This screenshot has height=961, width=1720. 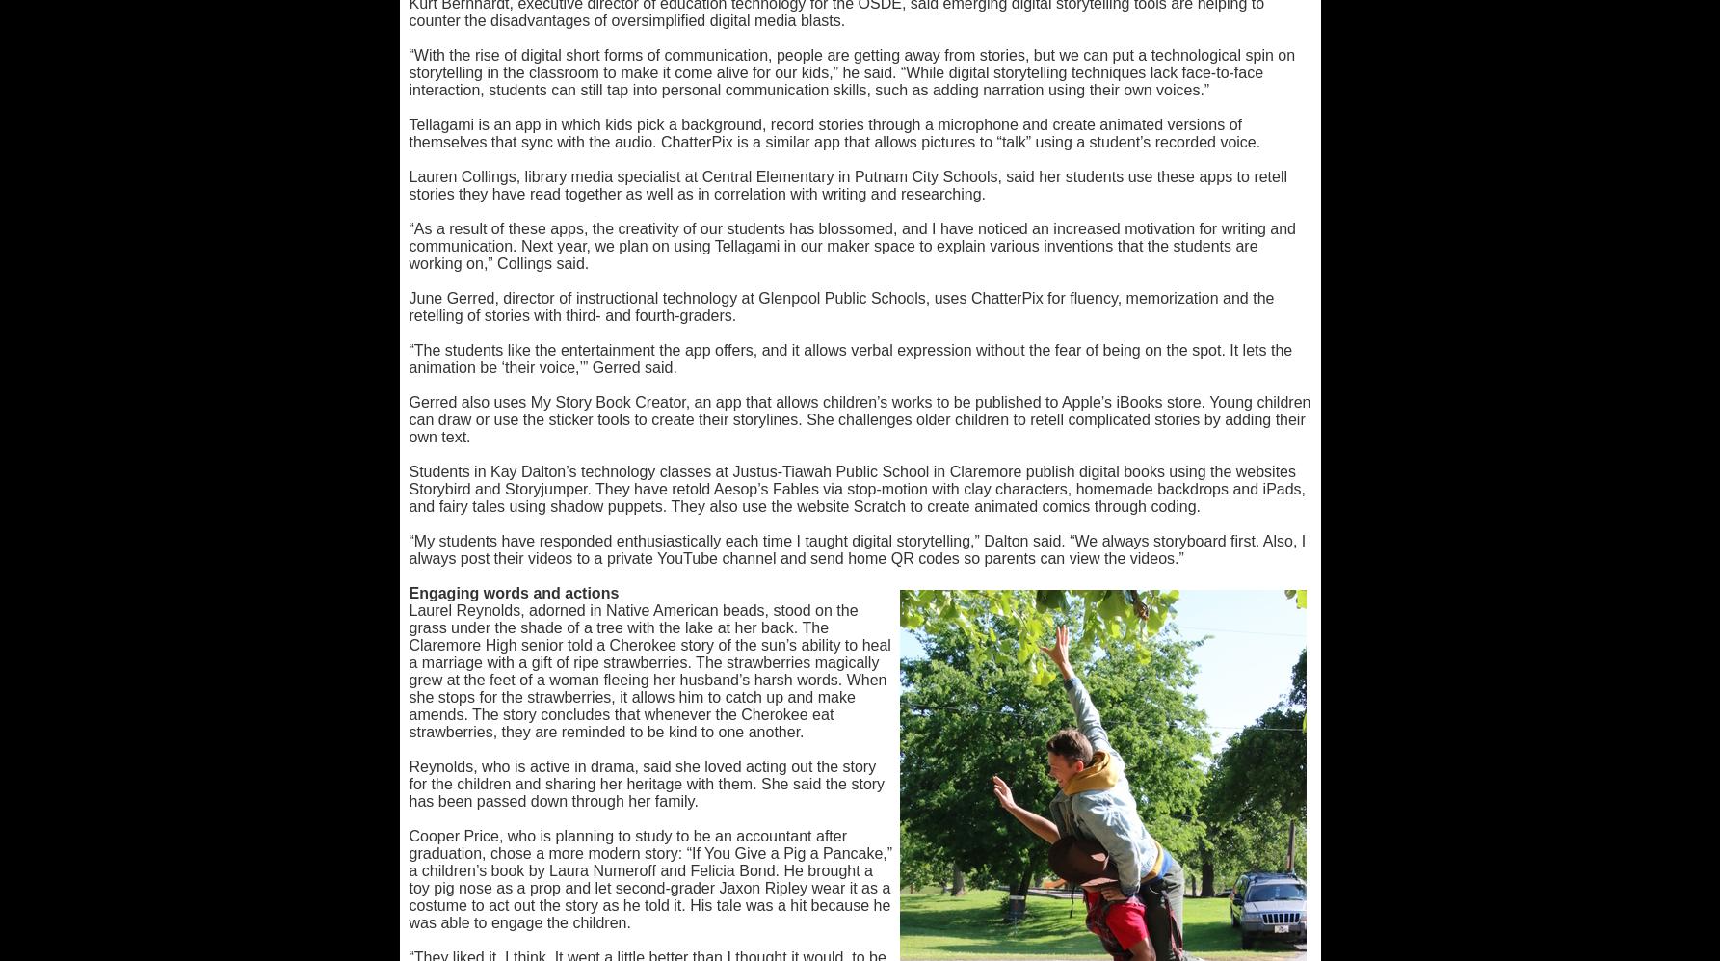 I want to click on '“My students have responded enthusiastically each time I taught digital storytelling,” Dalton said. “We always storyboard first. Also, I always post their videos to a private YouTube channel and send home QR codes so parents can view the videos.”', so click(x=857, y=549).